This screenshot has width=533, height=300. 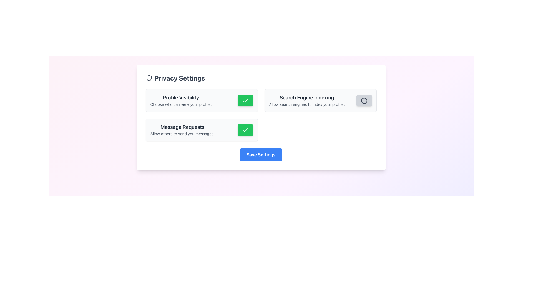 What do you see at coordinates (245, 130) in the screenshot?
I see `the visual confirmation icon for 'Message Requests' under 'Privacy Settings' to indicate that the setting is enabled` at bounding box center [245, 130].